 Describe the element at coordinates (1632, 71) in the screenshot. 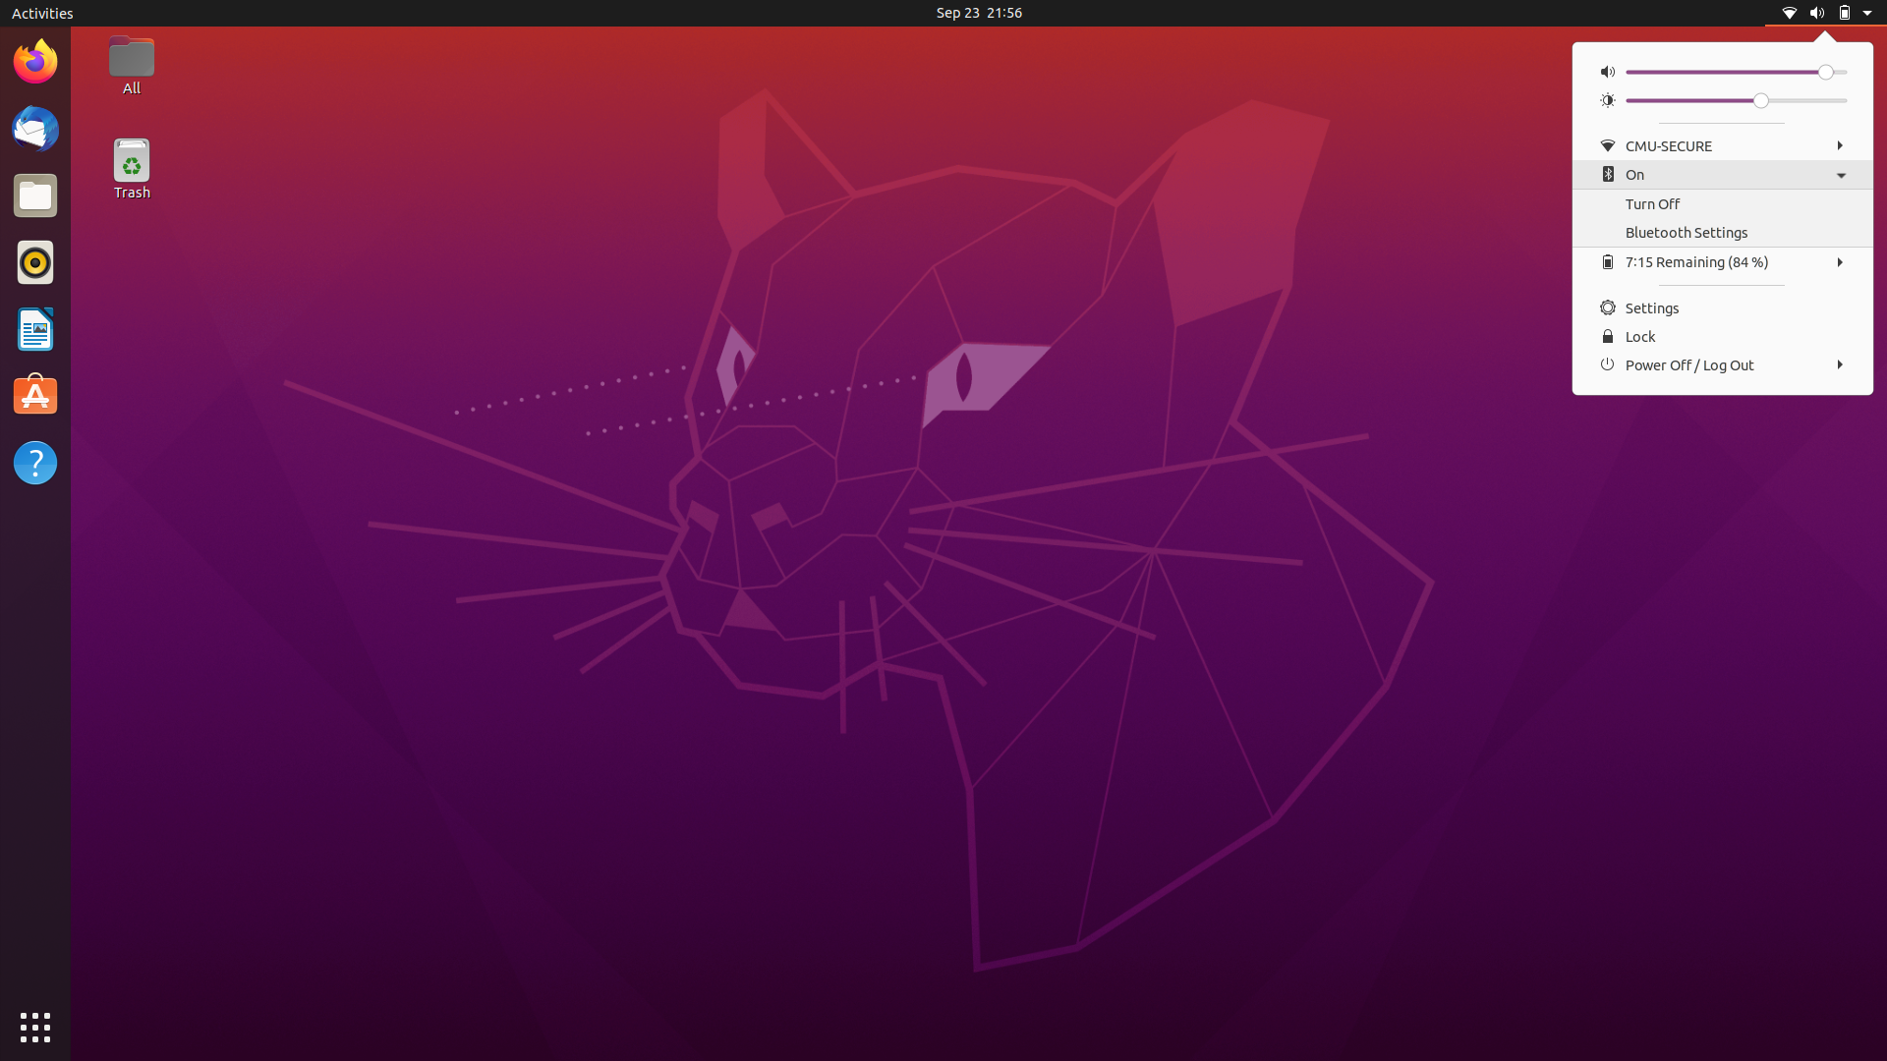

I see `Lower the Sound Level` at that location.